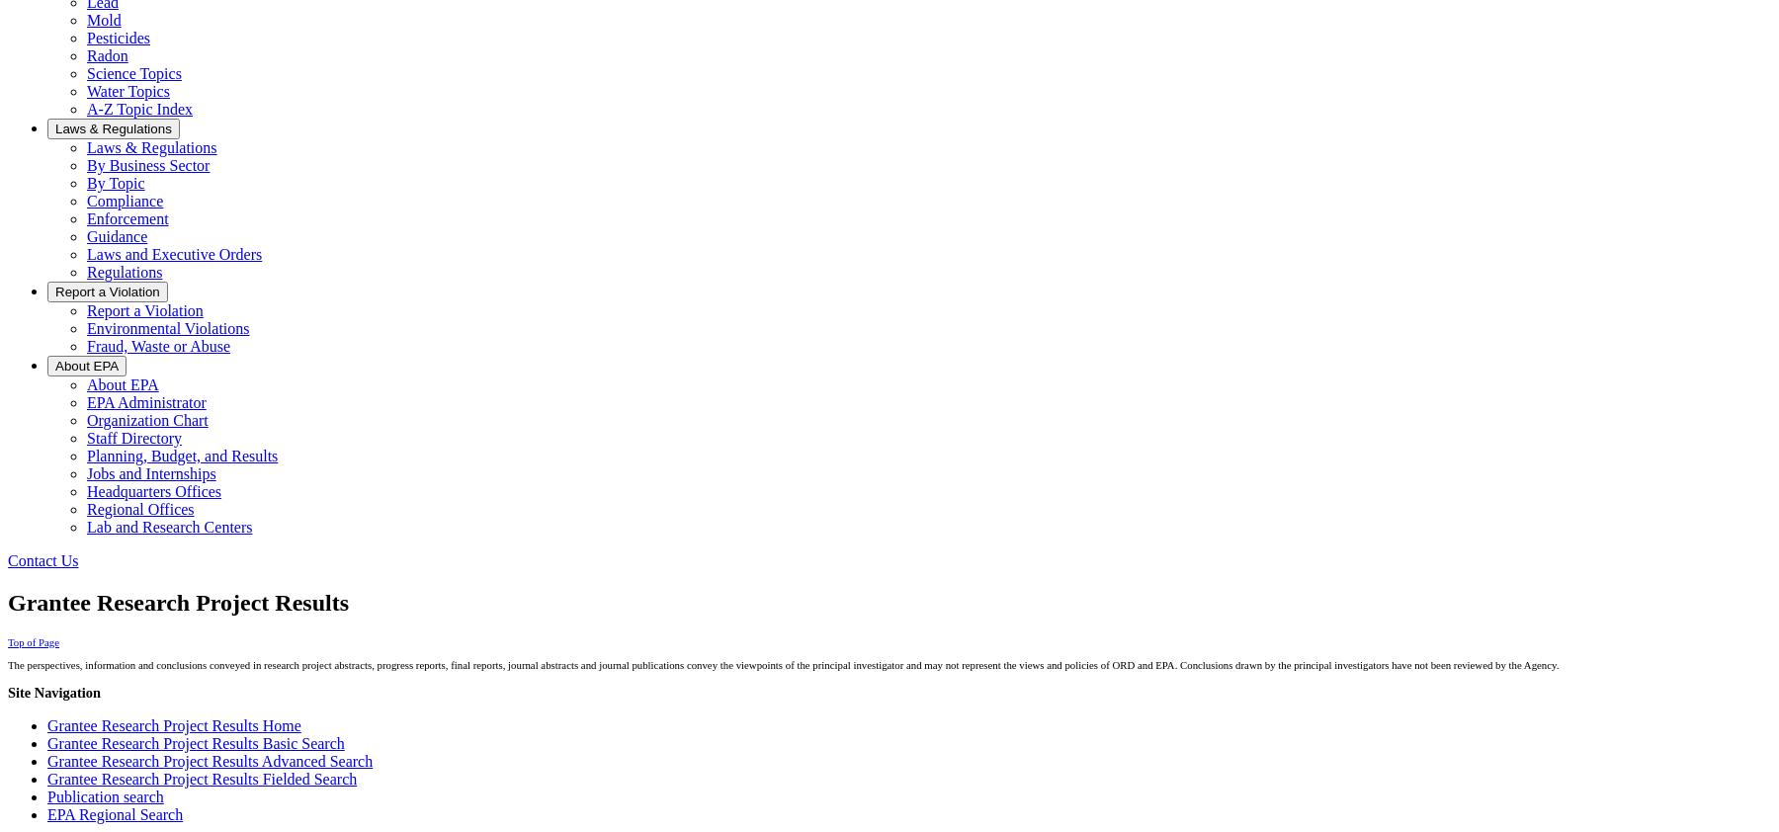  What do you see at coordinates (86, 236) in the screenshot?
I see `'Guidance'` at bounding box center [86, 236].